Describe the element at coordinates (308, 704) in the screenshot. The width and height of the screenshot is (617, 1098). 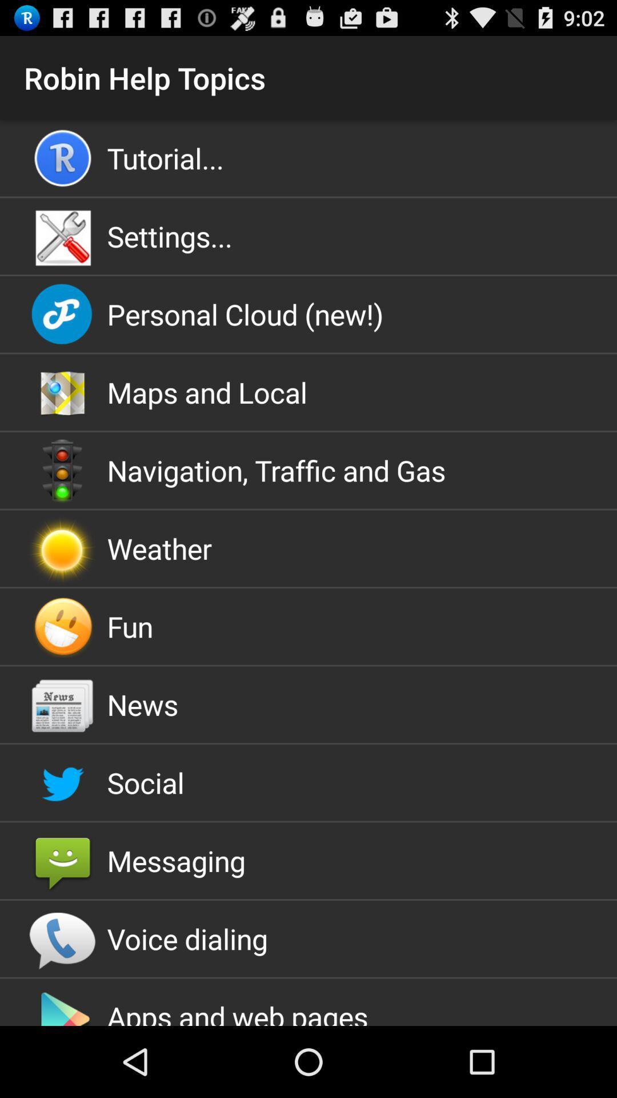
I see `the  news` at that location.